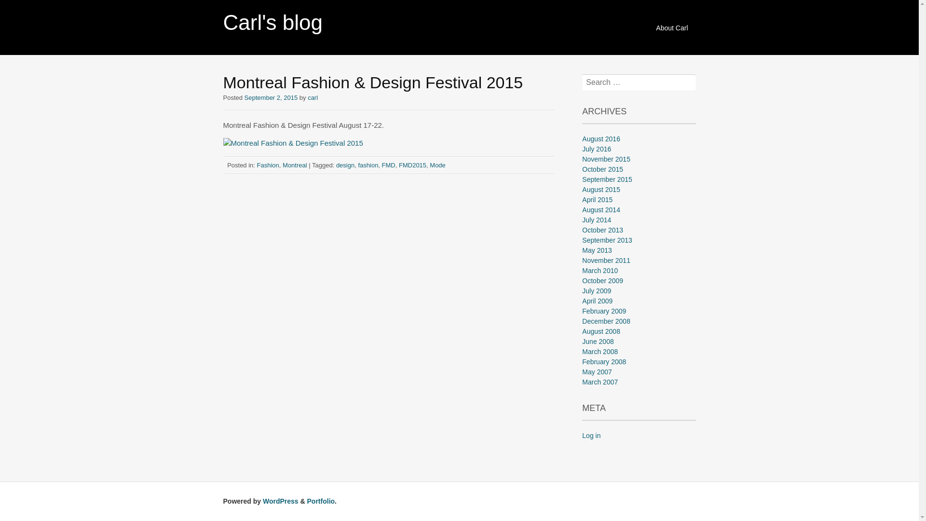 The height and width of the screenshot is (521, 926). What do you see at coordinates (599, 352) in the screenshot?
I see `'March 2008'` at bounding box center [599, 352].